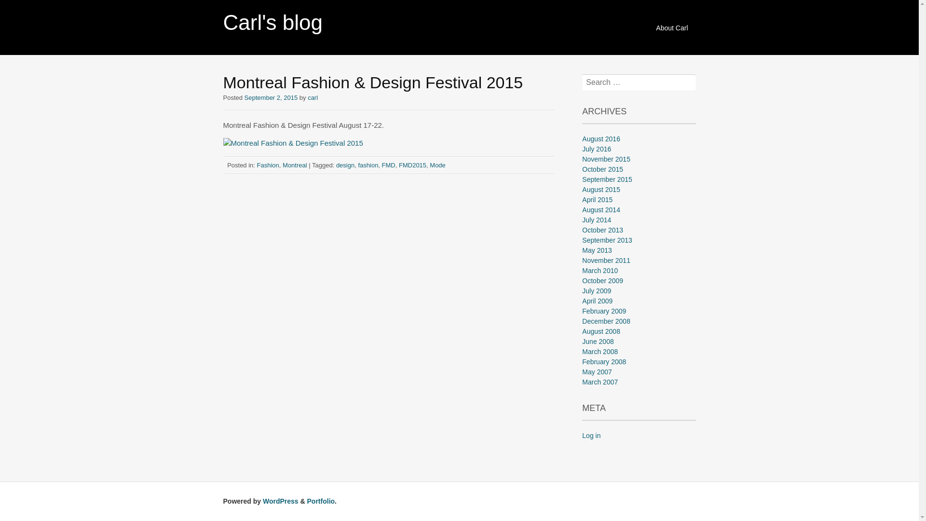 The height and width of the screenshot is (521, 926). What do you see at coordinates (599, 352) in the screenshot?
I see `'March 2008'` at bounding box center [599, 352].